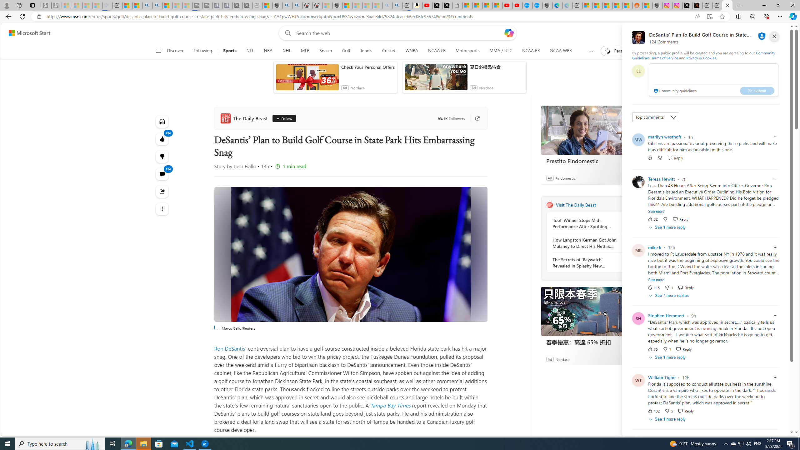 Image resolution: width=800 pixels, height=450 pixels. What do you see at coordinates (561, 51) in the screenshot?
I see `'NCAA WBK'` at bounding box center [561, 51].